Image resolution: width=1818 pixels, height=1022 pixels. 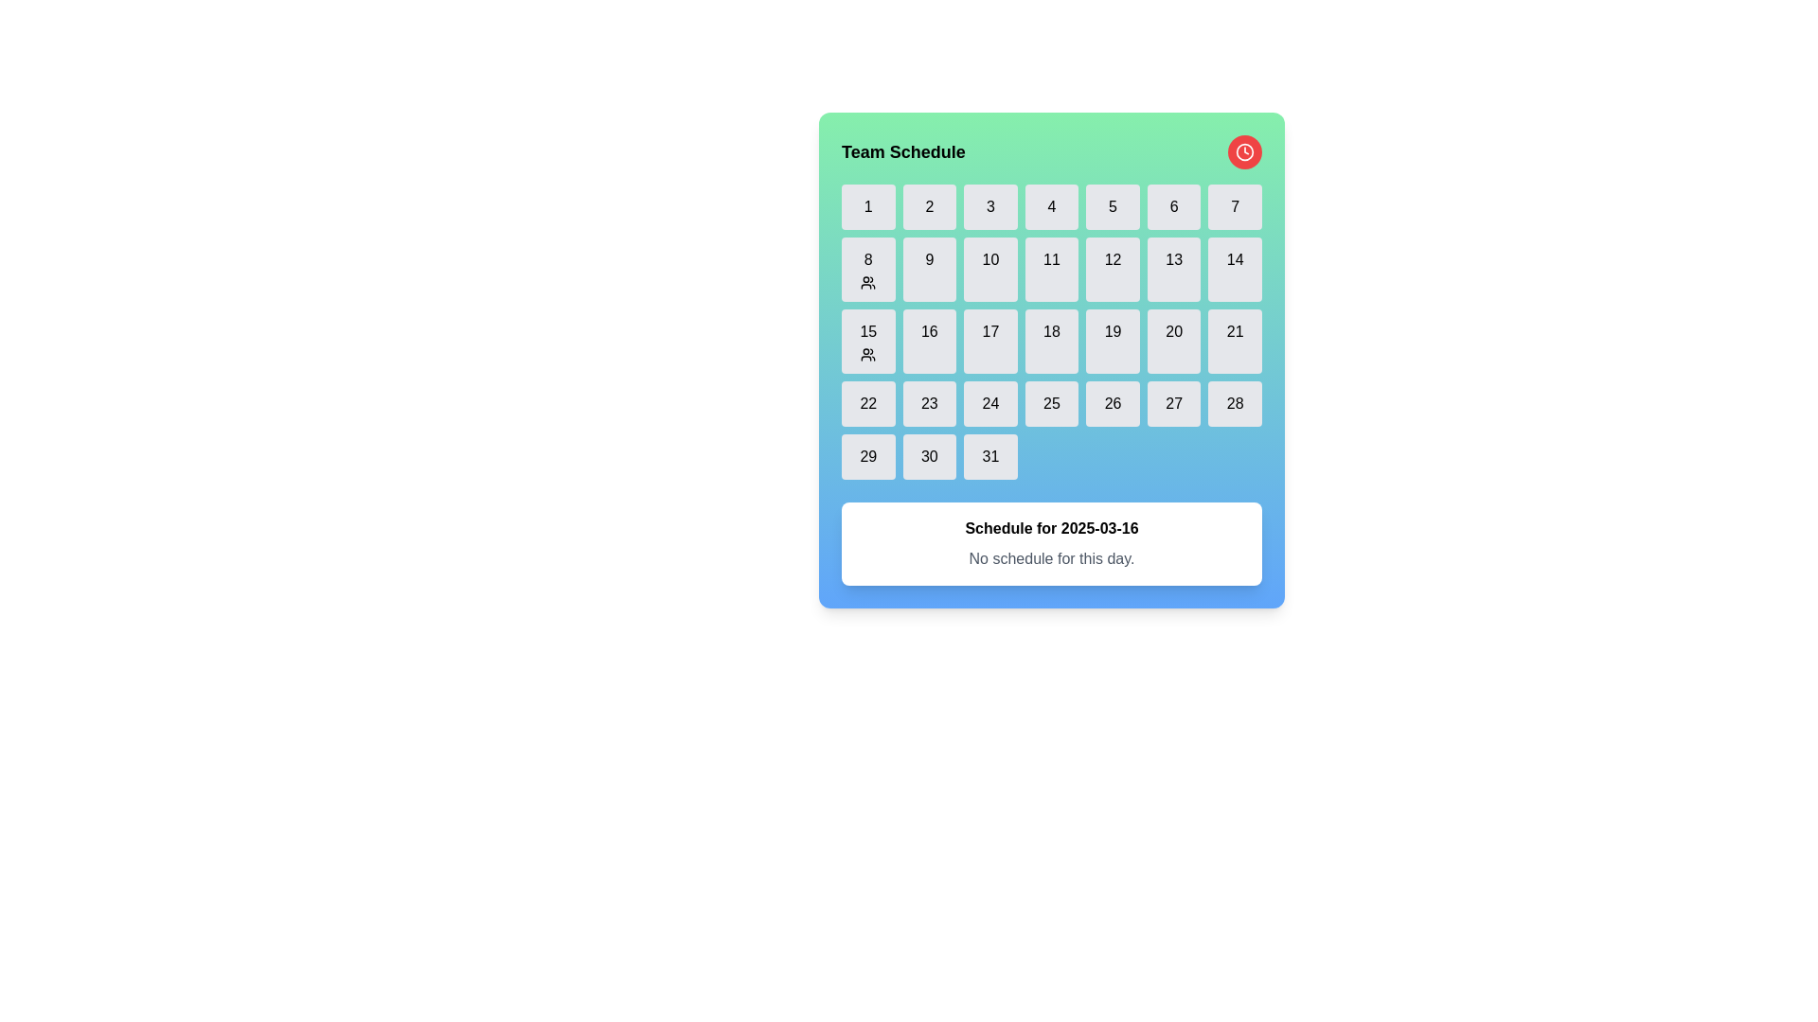 I want to click on the static heading text label that introduces the section for scheduling tasks or events, located in the top-left corner of the green header area, so click(x=902, y=151).